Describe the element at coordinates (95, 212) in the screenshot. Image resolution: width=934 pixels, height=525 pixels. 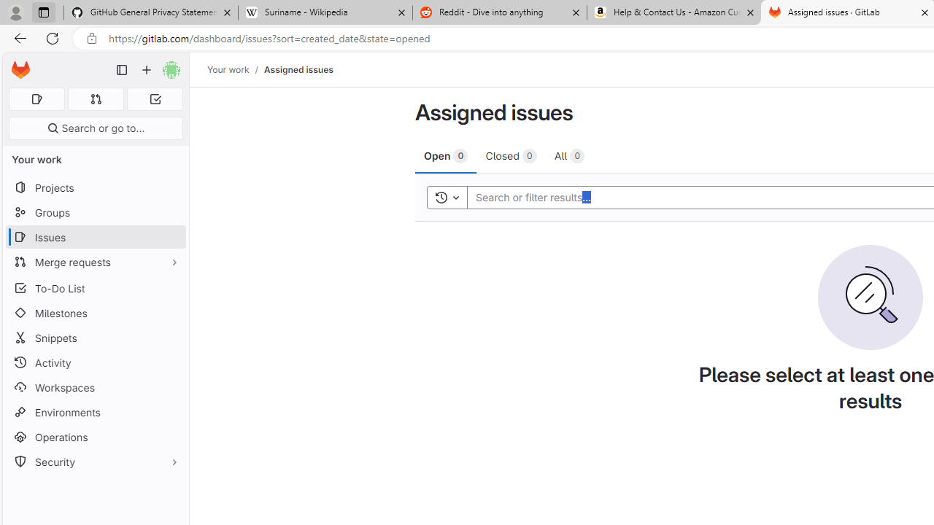
I see `'Groups'` at that location.